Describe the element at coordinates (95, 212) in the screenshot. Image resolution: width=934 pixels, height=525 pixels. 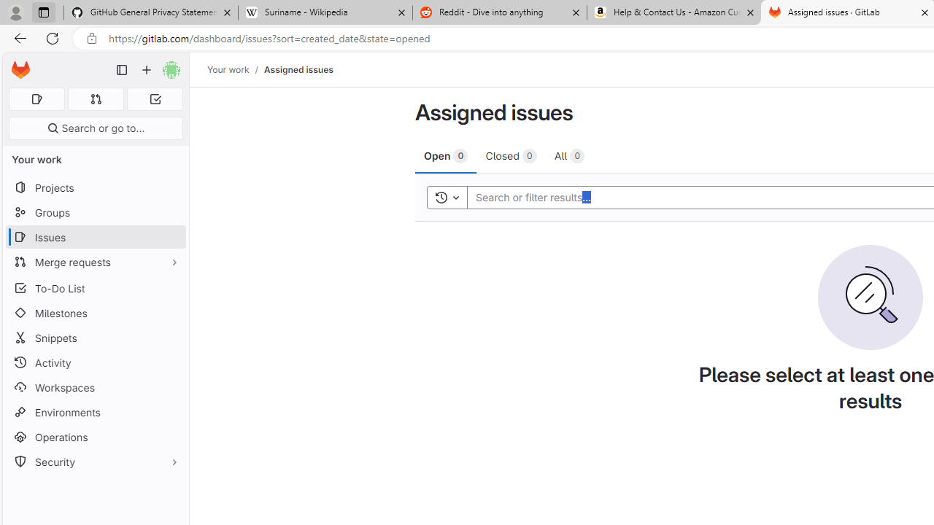
I see `'Groups'` at that location.